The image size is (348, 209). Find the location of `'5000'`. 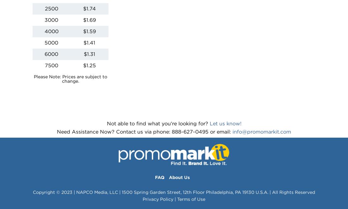

'5000' is located at coordinates (51, 42).